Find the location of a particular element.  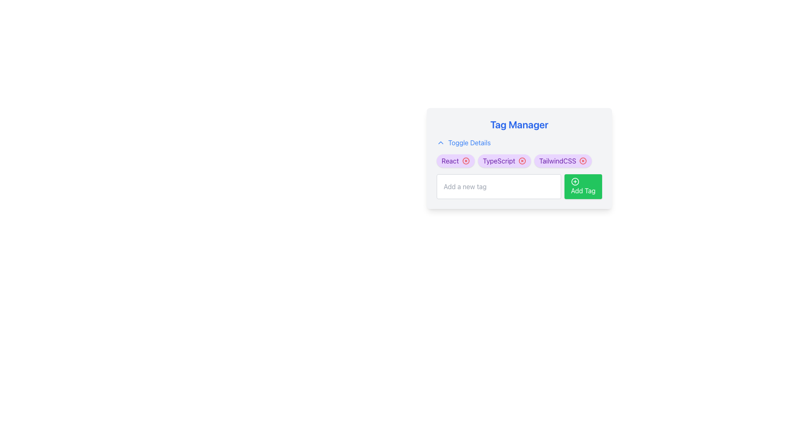

the details of the interactive tag labeled 'React' with a delete icon, which is the first tag in the 'Tag Manager' section is located at coordinates (455, 161).